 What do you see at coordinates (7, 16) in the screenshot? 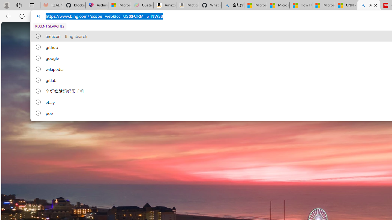
I see `'Back'` at bounding box center [7, 16].